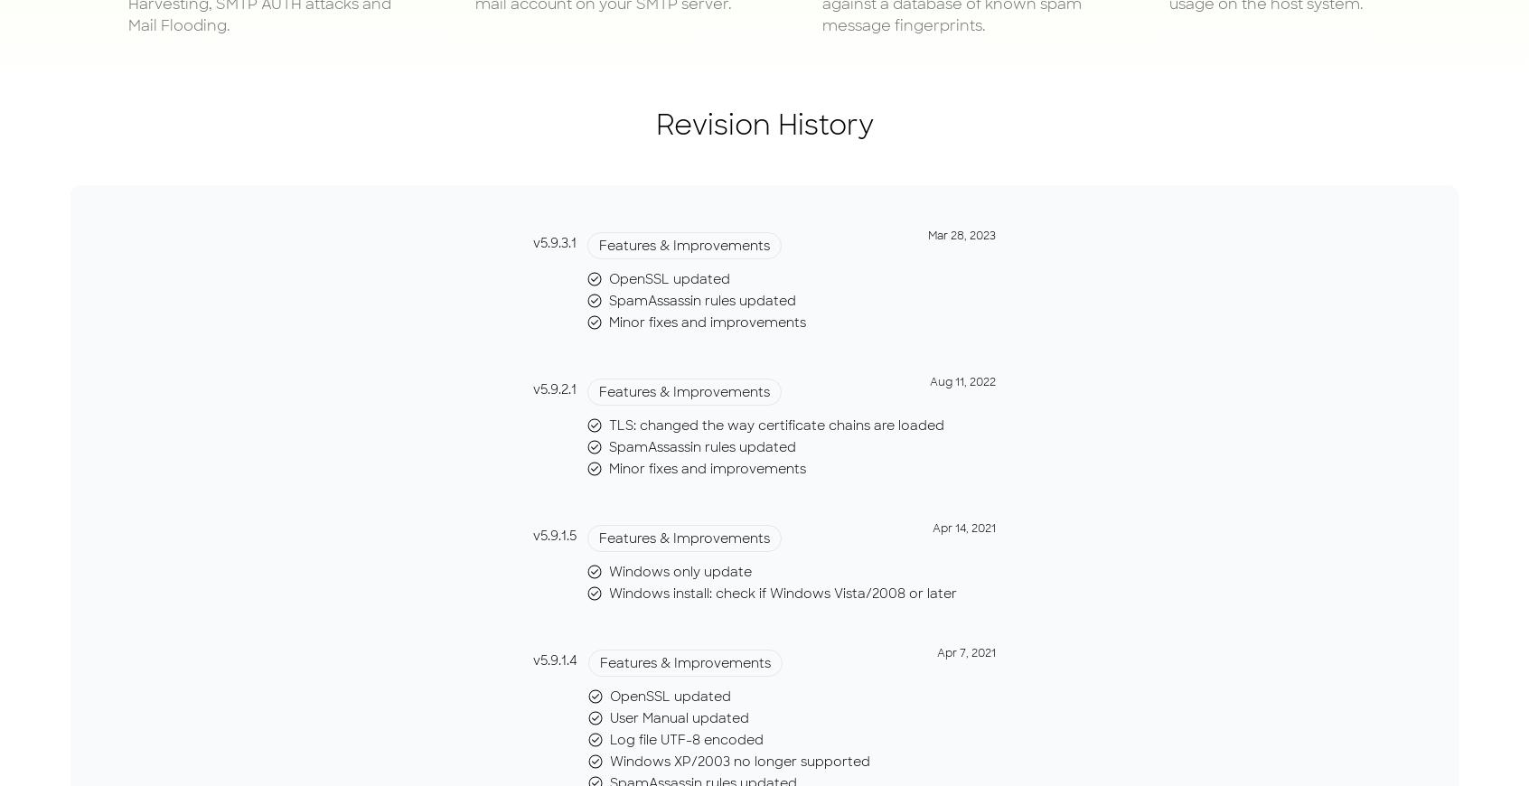  What do you see at coordinates (596, 57) in the screenshot?
I see `'Byteplant GmbH'` at bounding box center [596, 57].